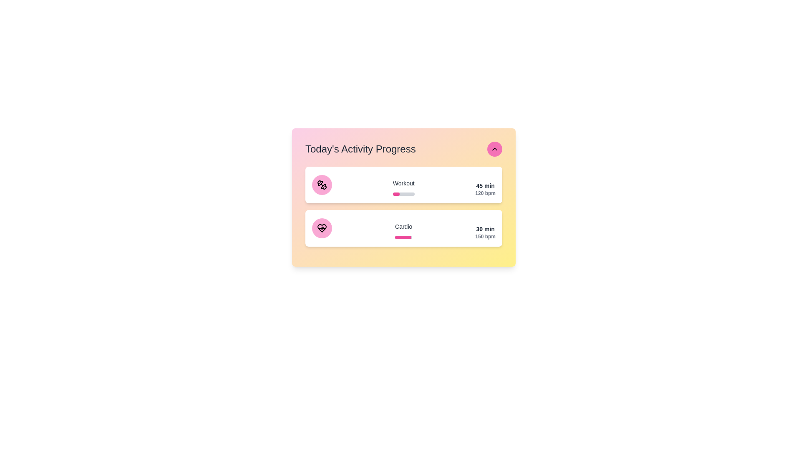 Image resolution: width=801 pixels, height=450 pixels. Describe the element at coordinates (403, 231) in the screenshot. I see `text from the label that accompanies the progress bar in the second activity card of the 'Today's Activity Progress' panel, located below the pink heart icon` at that location.